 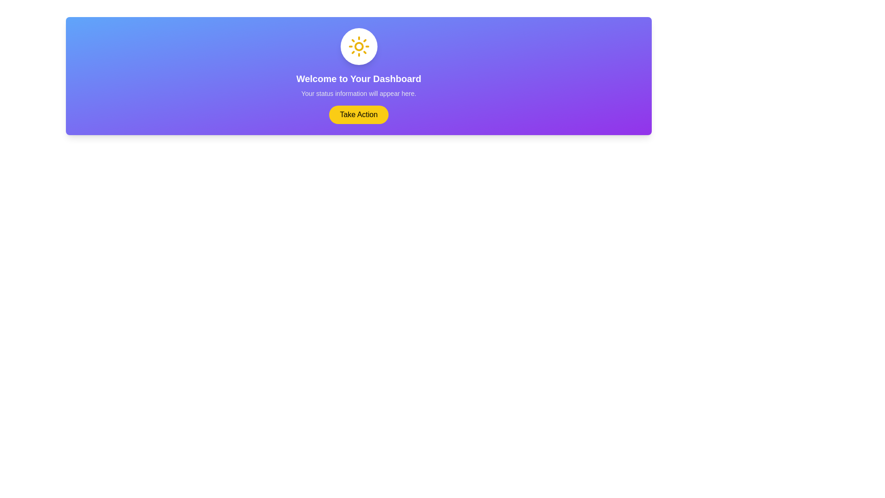 What do you see at coordinates (358, 46) in the screenshot?
I see `the central circle of the sun icon located above the heading text 'Welcome to Your Dashboard'` at bounding box center [358, 46].